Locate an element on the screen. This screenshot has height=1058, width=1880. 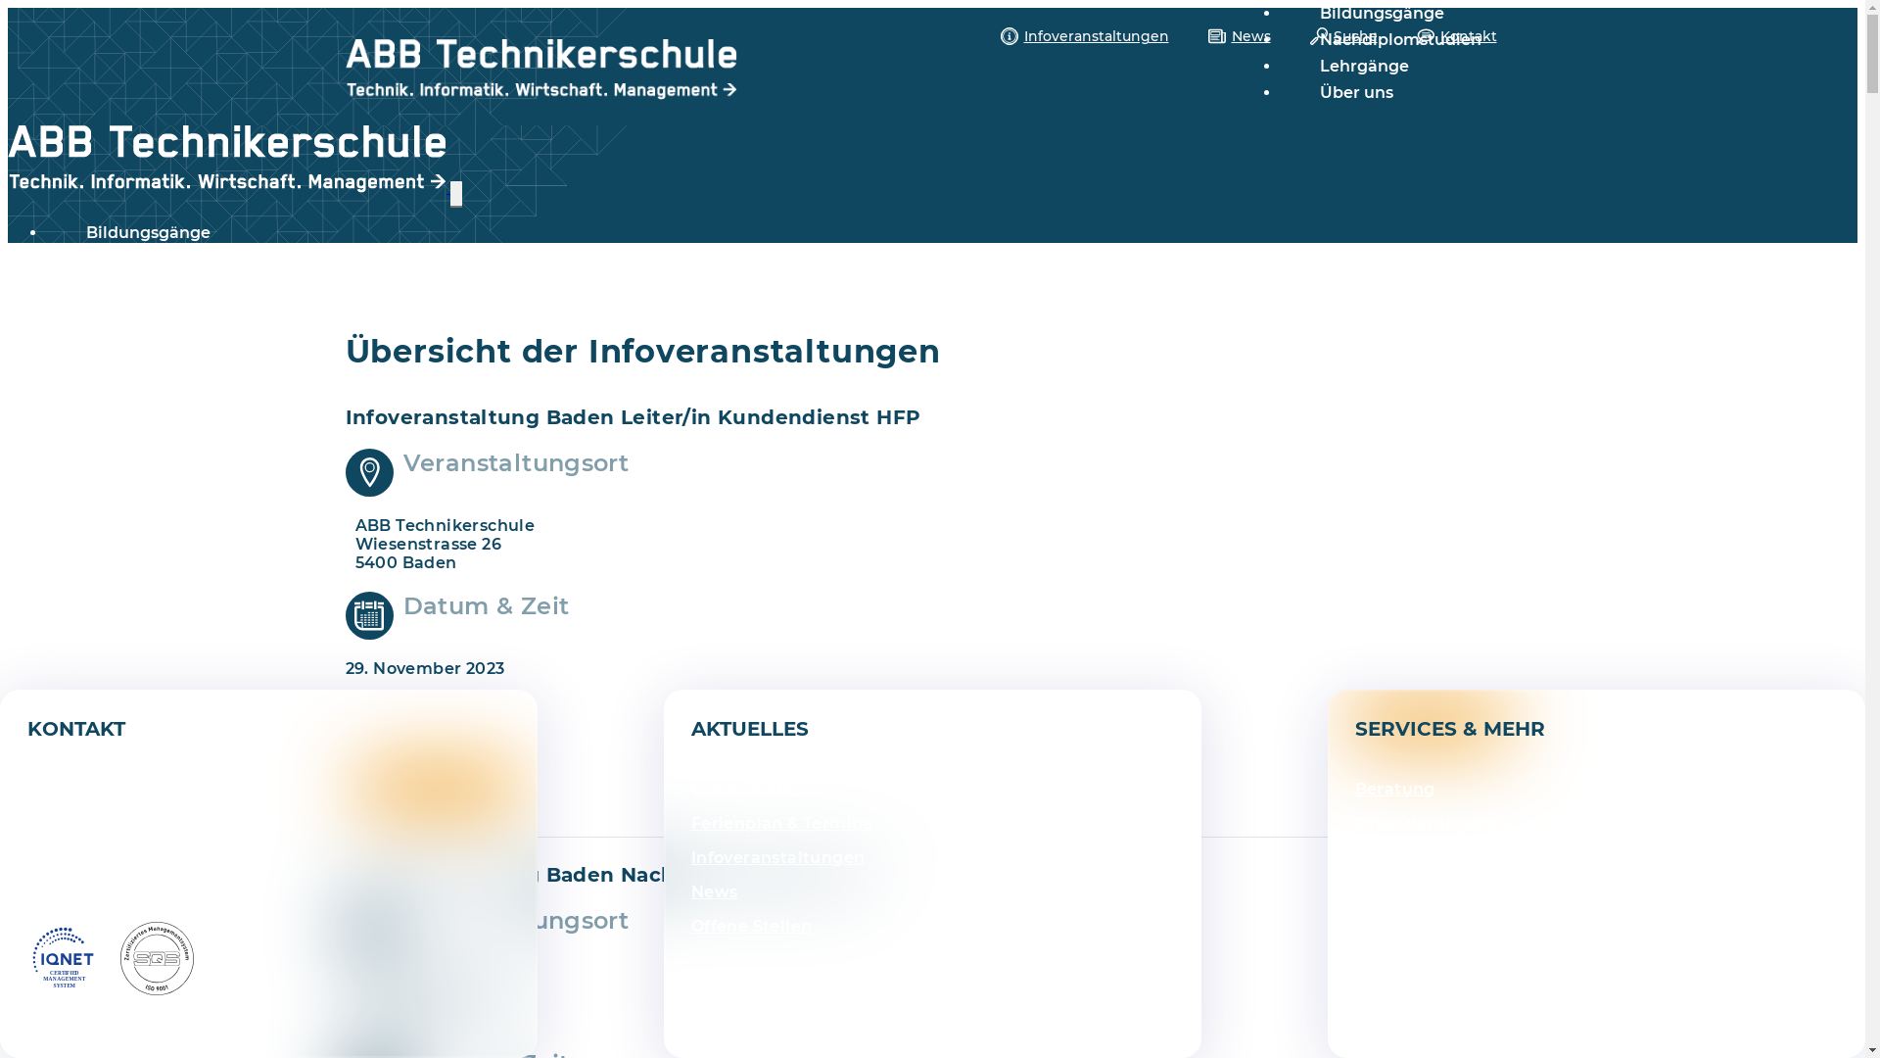
'Beratung' is located at coordinates (1394, 788).